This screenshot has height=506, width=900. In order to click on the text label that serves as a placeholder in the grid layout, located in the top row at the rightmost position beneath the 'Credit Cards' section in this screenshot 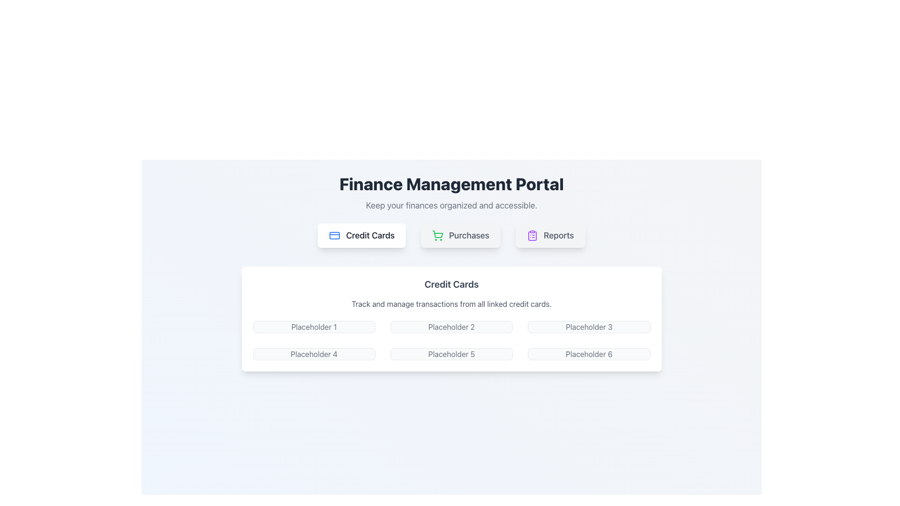, I will do `click(588, 327)`.